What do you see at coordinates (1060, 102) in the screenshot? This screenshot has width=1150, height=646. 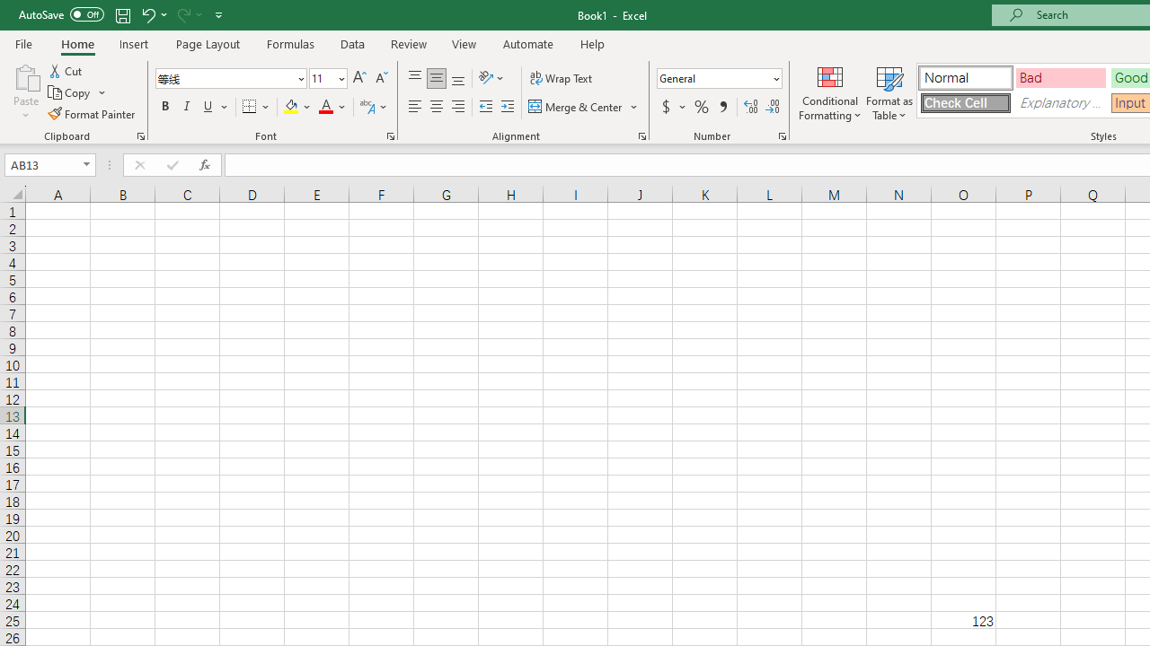 I see `'Explanatory Text'` at bounding box center [1060, 102].